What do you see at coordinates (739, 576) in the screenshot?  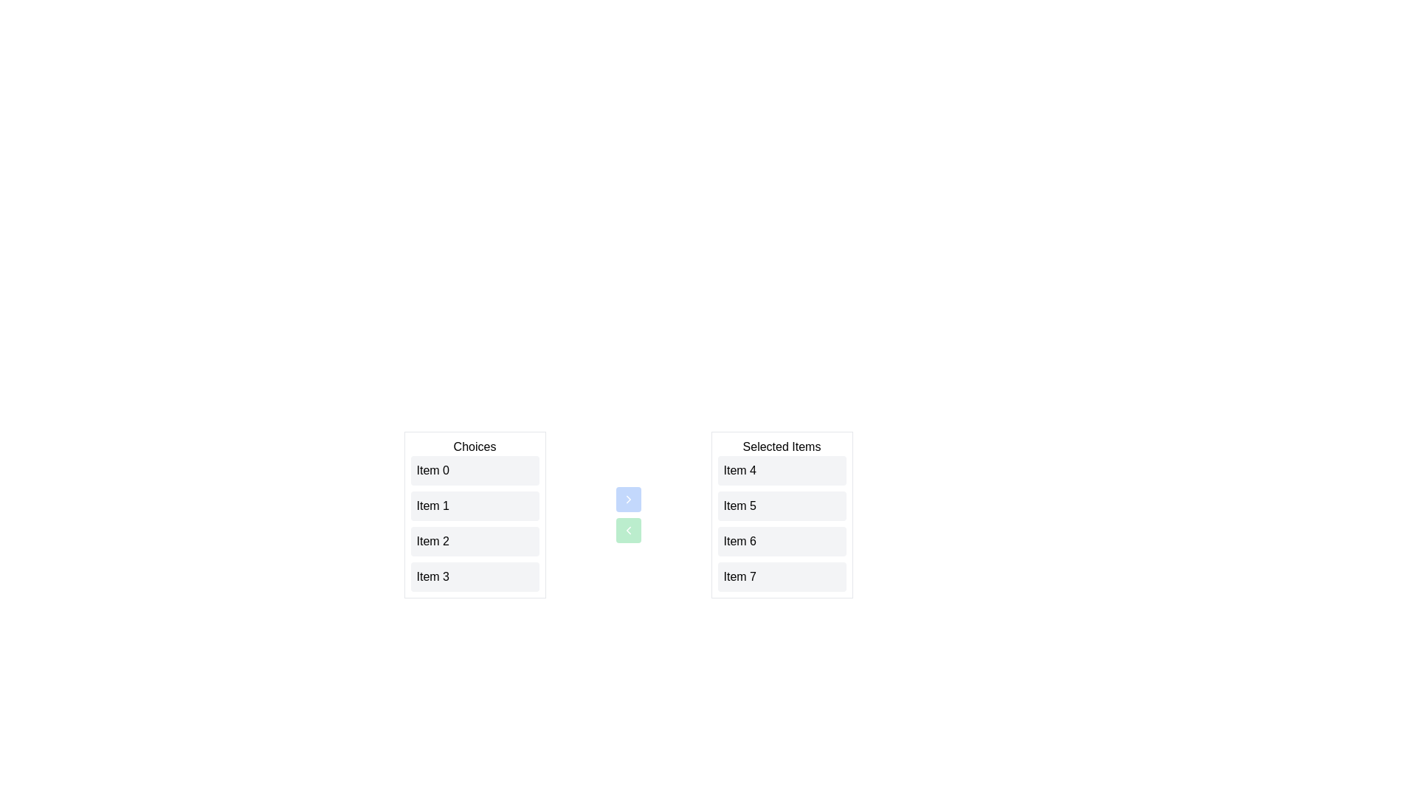 I see `the text label displaying 'Item 7'` at bounding box center [739, 576].